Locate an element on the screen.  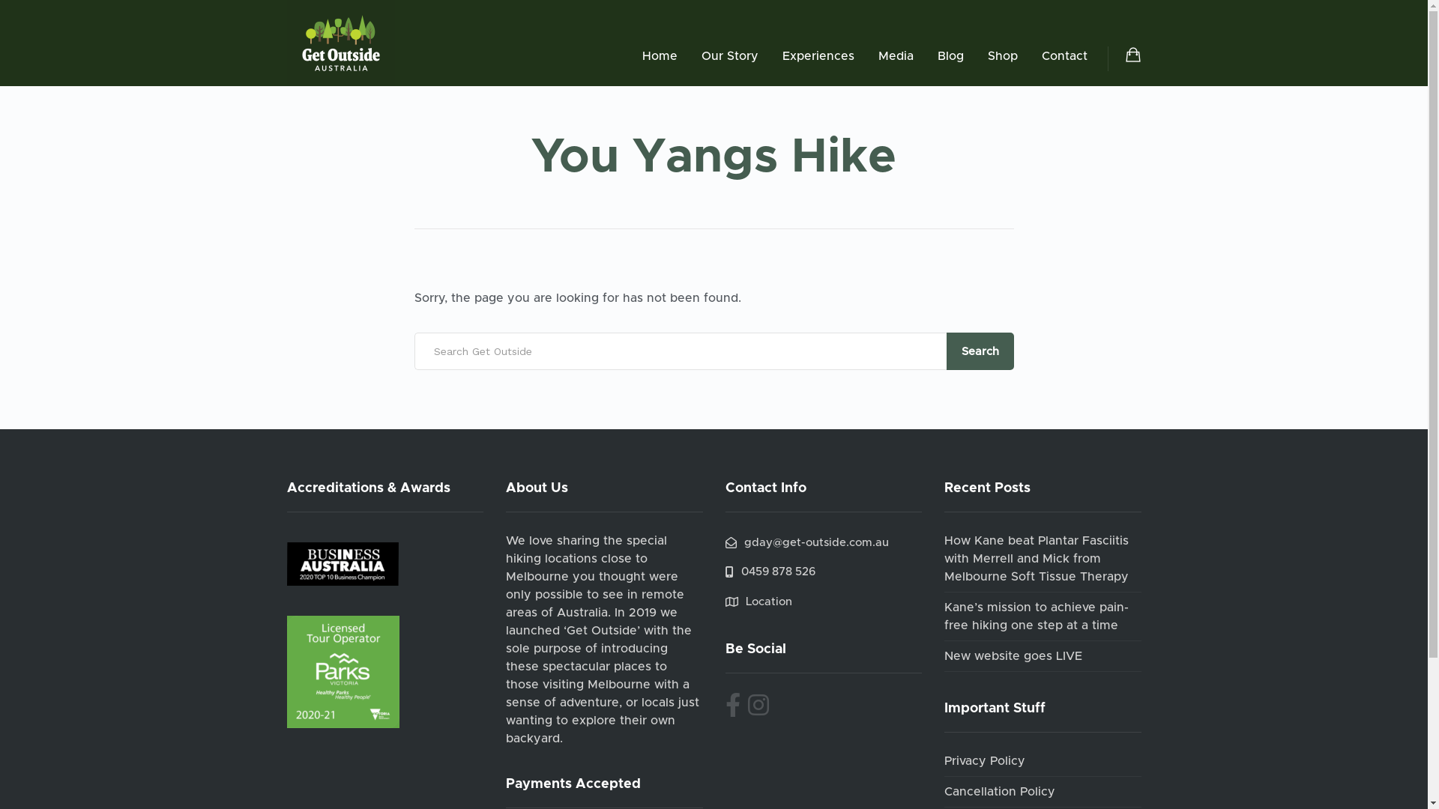
'Location' is located at coordinates (758, 601).